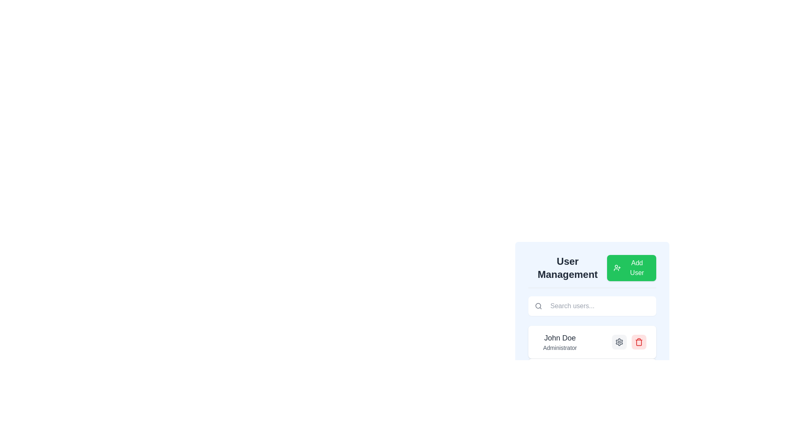 The width and height of the screenshot is (787, 442). I want to click on the 'User Management' static text heading, which is displayed in a bold font and serves as a title in the interface, so click(567, 268).